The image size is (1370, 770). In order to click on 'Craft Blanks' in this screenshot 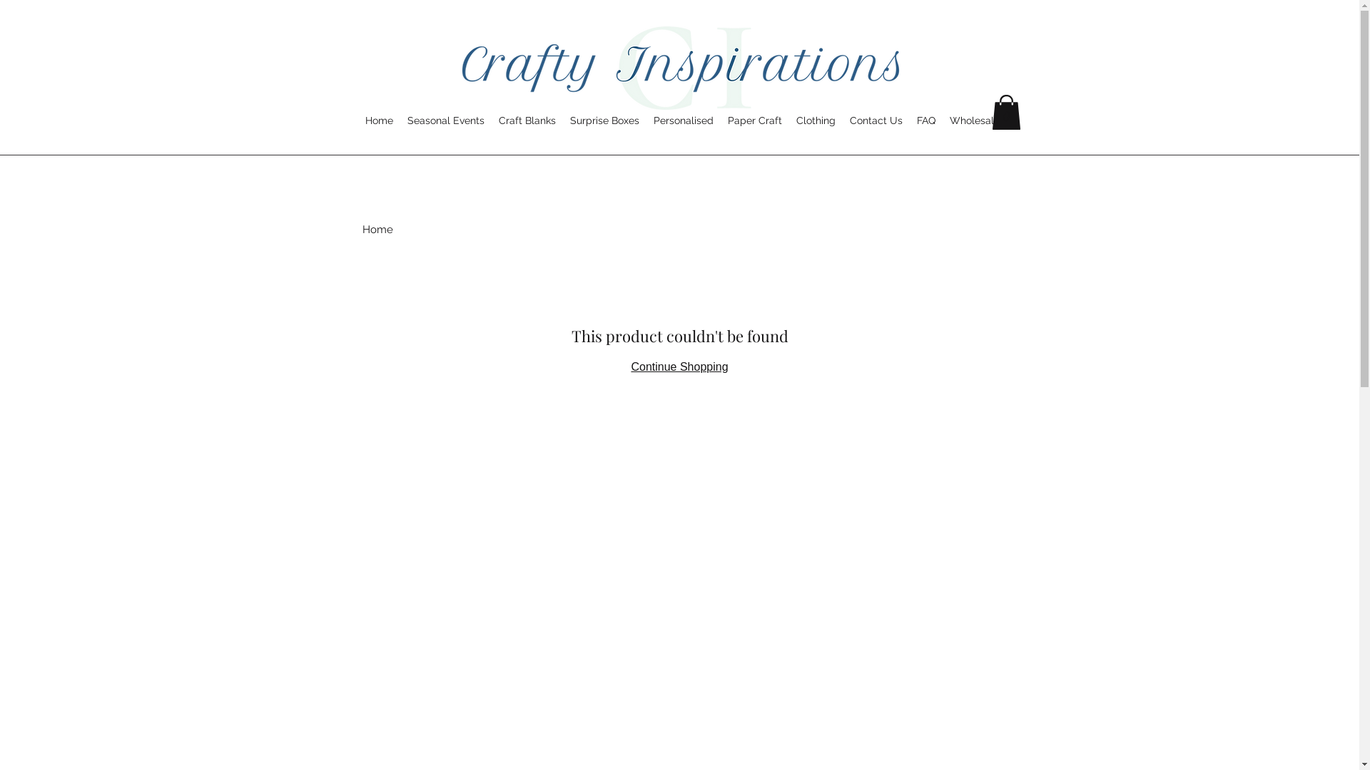, I will do `click(492, 120)`.